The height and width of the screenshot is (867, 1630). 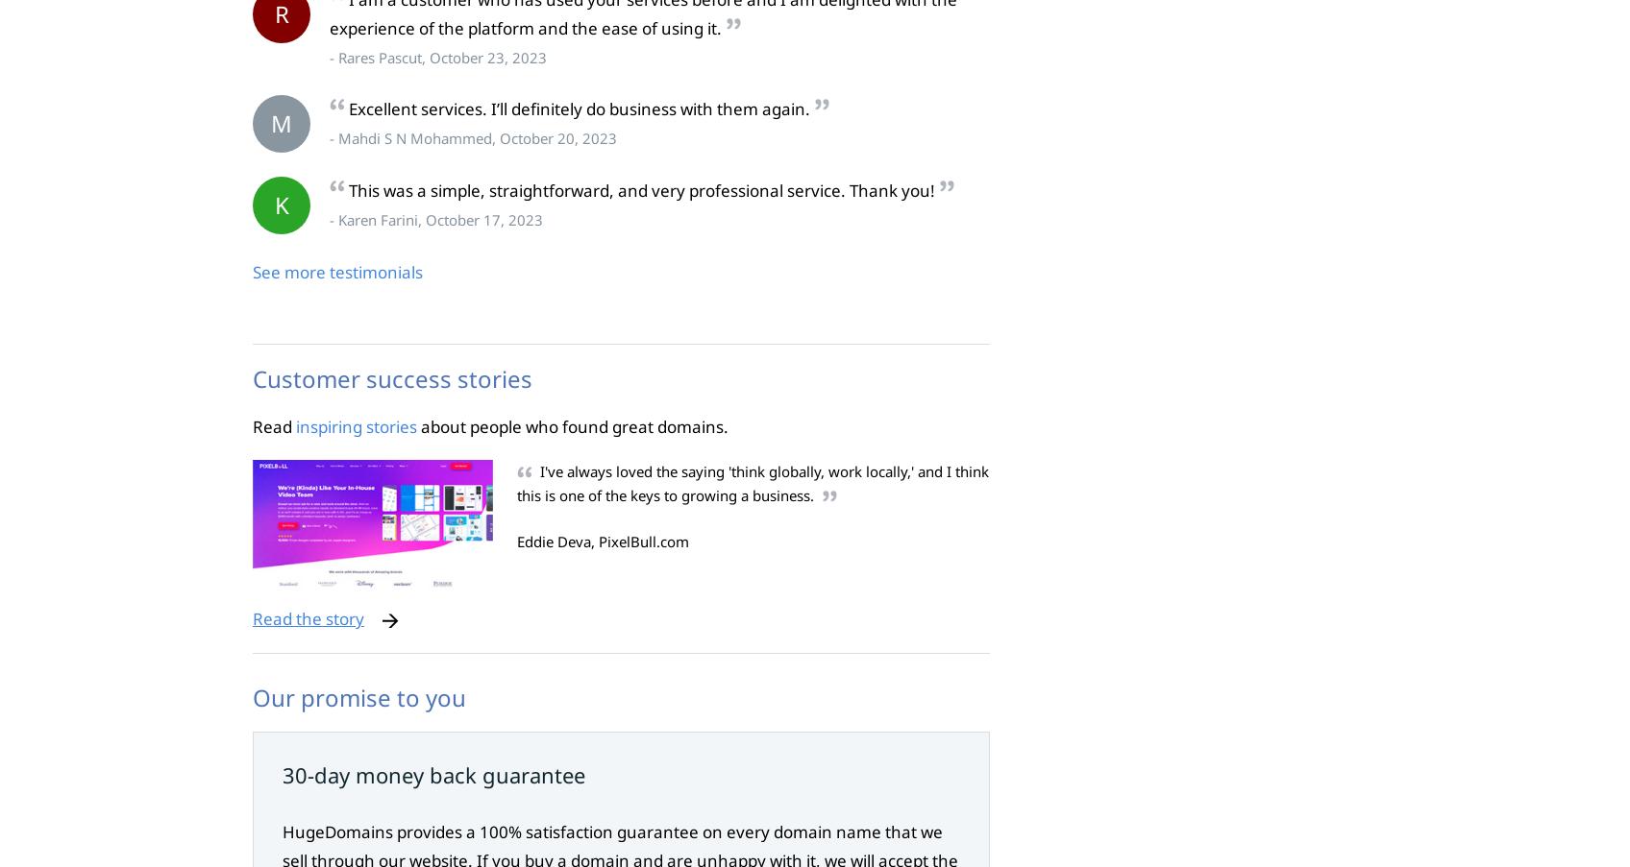 I want to click on 'Excellent services. I’ll definitely do business with them again.', so click(x=579, y=108).